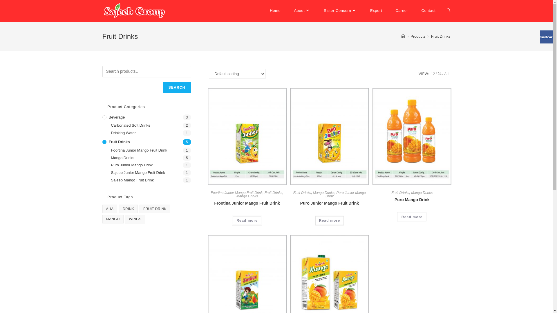 The height and width of the screenshot is (313, 557). Describe the element at coordinates (437, 73) in the screenshot. I see `'24'` at that location.